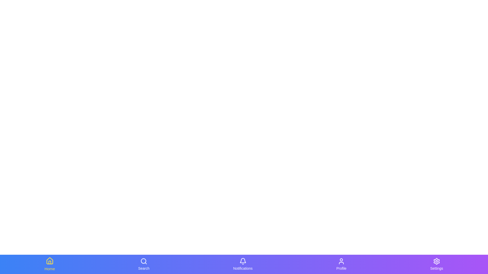 The width and height of the screenshot is (488, 274). Describe the element at coordinates (436, 264) in the screenshot. I see `the Settings navigation tab` at that location.